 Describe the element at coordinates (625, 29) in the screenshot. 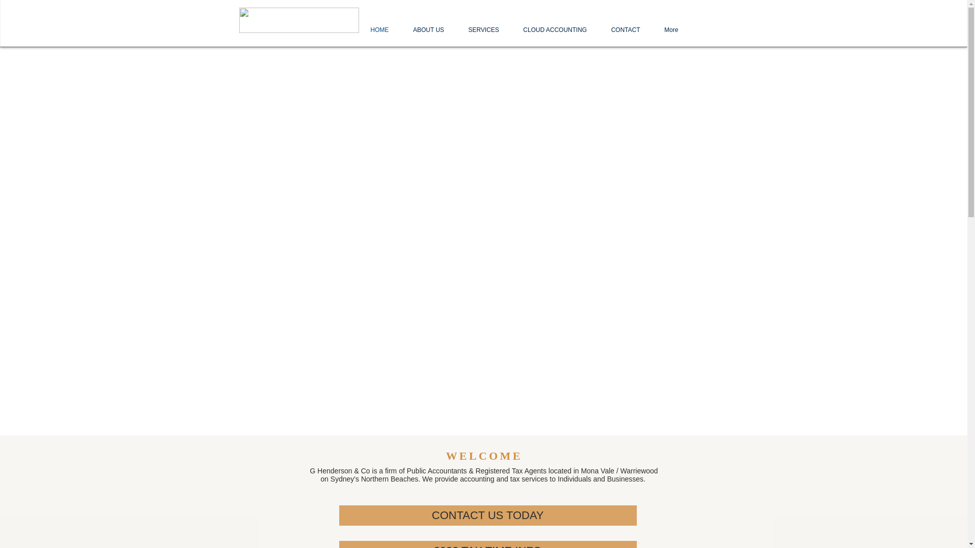

I see `'CONTACT'` at that location.